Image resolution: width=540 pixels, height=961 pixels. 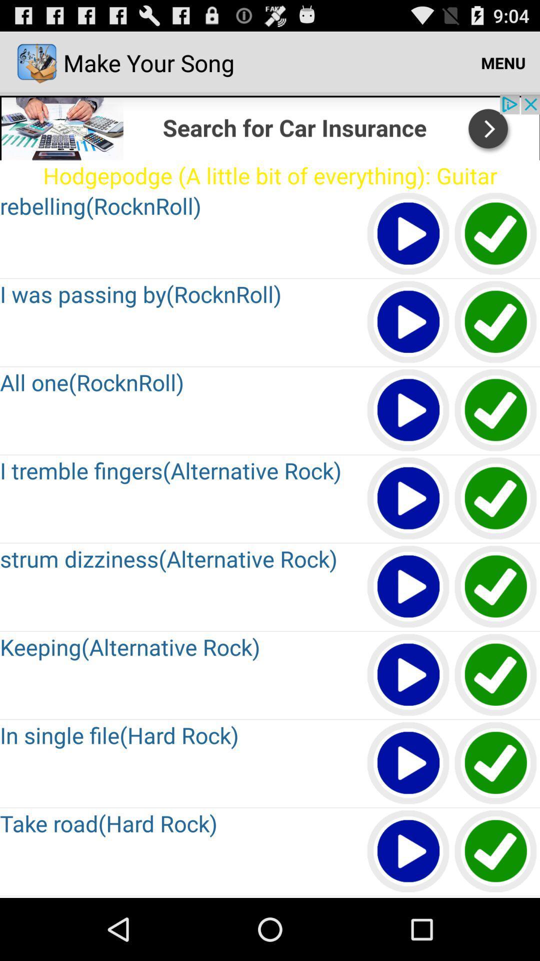 I want to click on song play option, so click(x=408, y=234).